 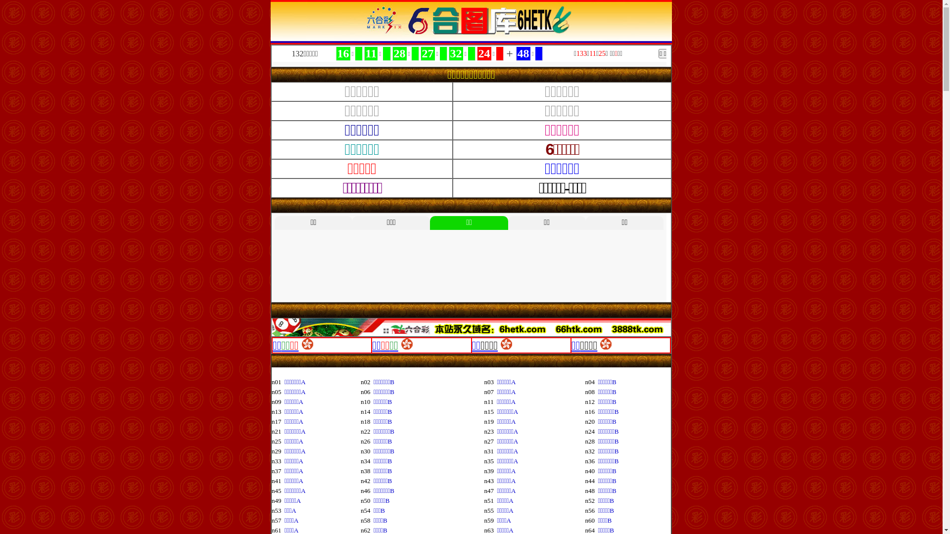 I want to click on 'n43 ', so click(x=491, y=480).